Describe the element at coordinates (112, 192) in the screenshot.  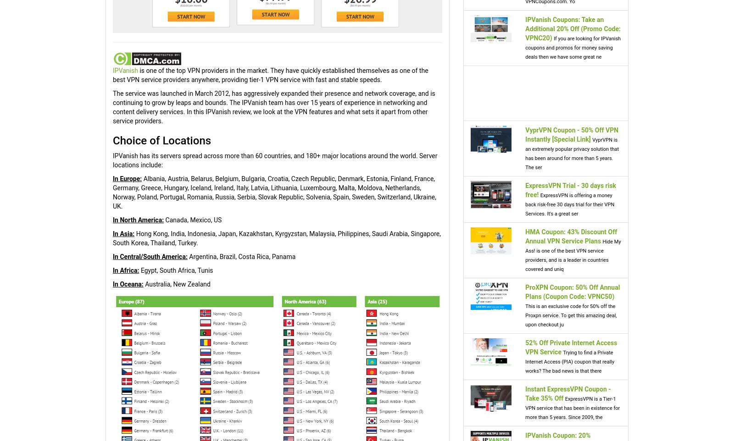
I see `'Albania, Austria, Belarus, Belgium, Bulgaria, Croatia, Czech Republic, Denmark, Estonia, Finland, France, Germany, Greece, Hungary, Iceland, Ireland, Italy, Latvia, Lithuania, Luxembourg, Malta, Moldova, Netherlands, Norway, Poland, Portugal, Romania, Russia, Serbia, Slovak Republic, Solvenia, Spain, Sweden, Switzerland, Ukraine, UK.'` at that location.